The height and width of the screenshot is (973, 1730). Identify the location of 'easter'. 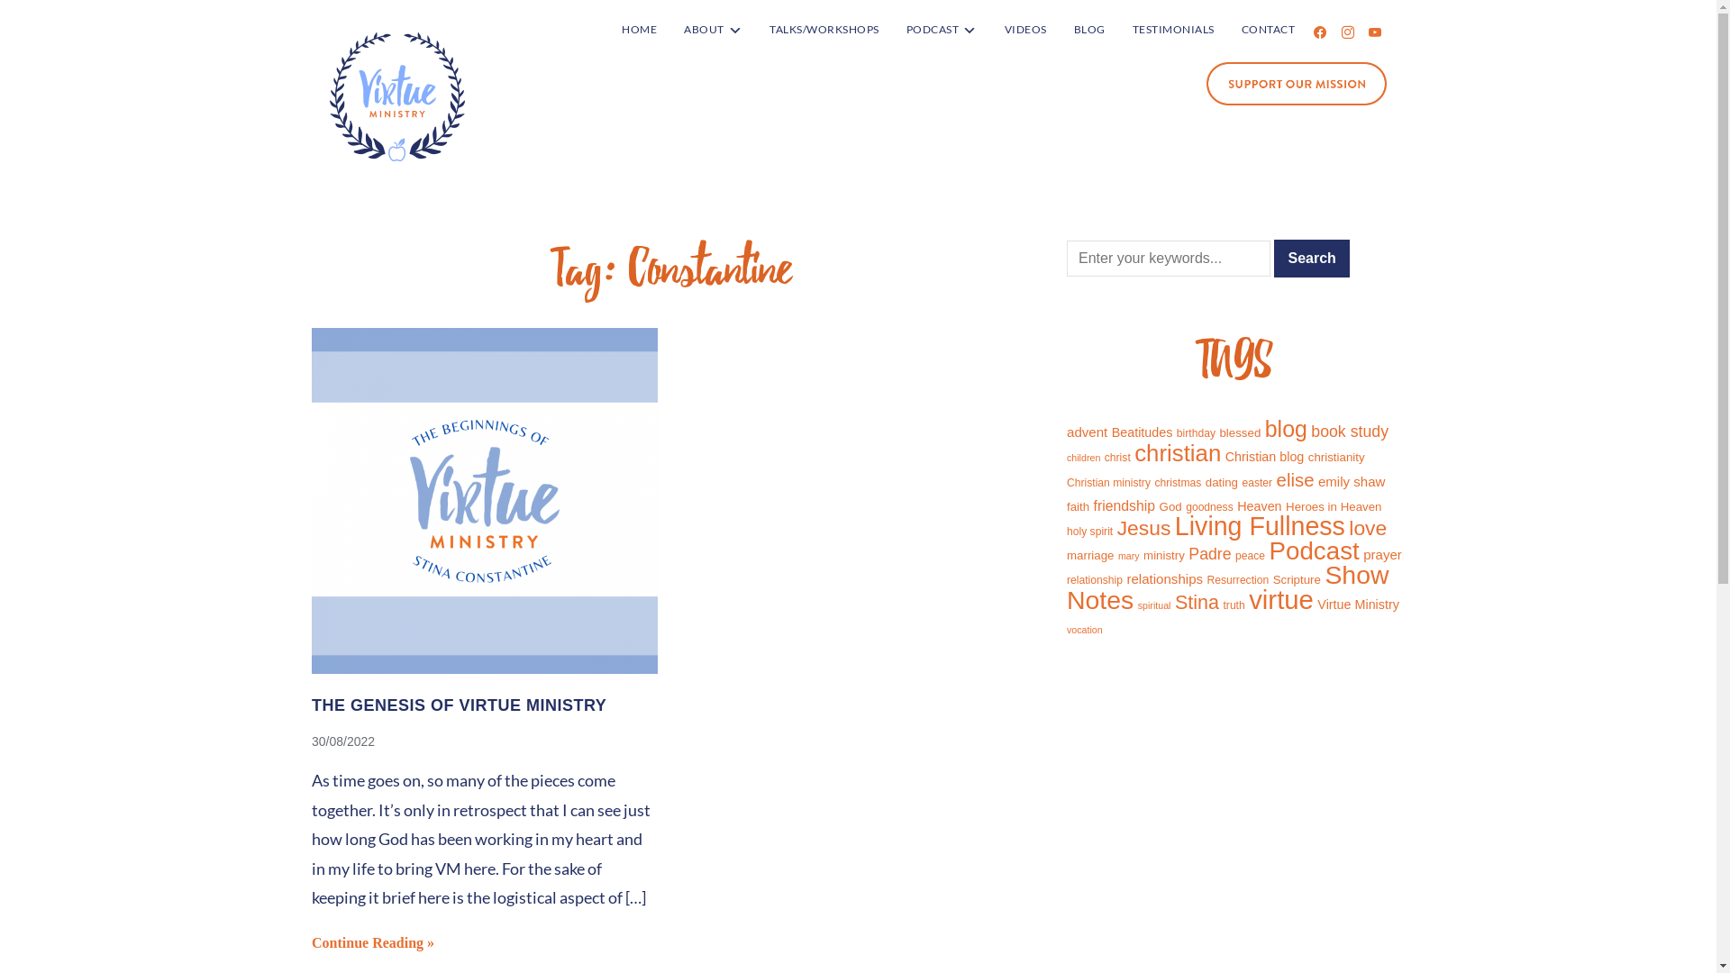
(1256, 482).